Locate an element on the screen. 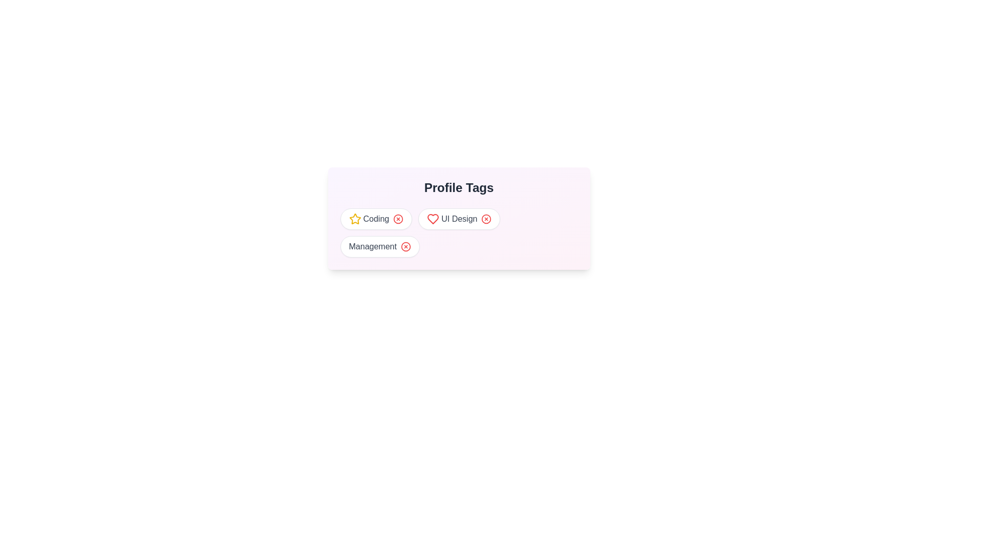  remove button for the tag with name UI Design is located at coordinates (486, 219).